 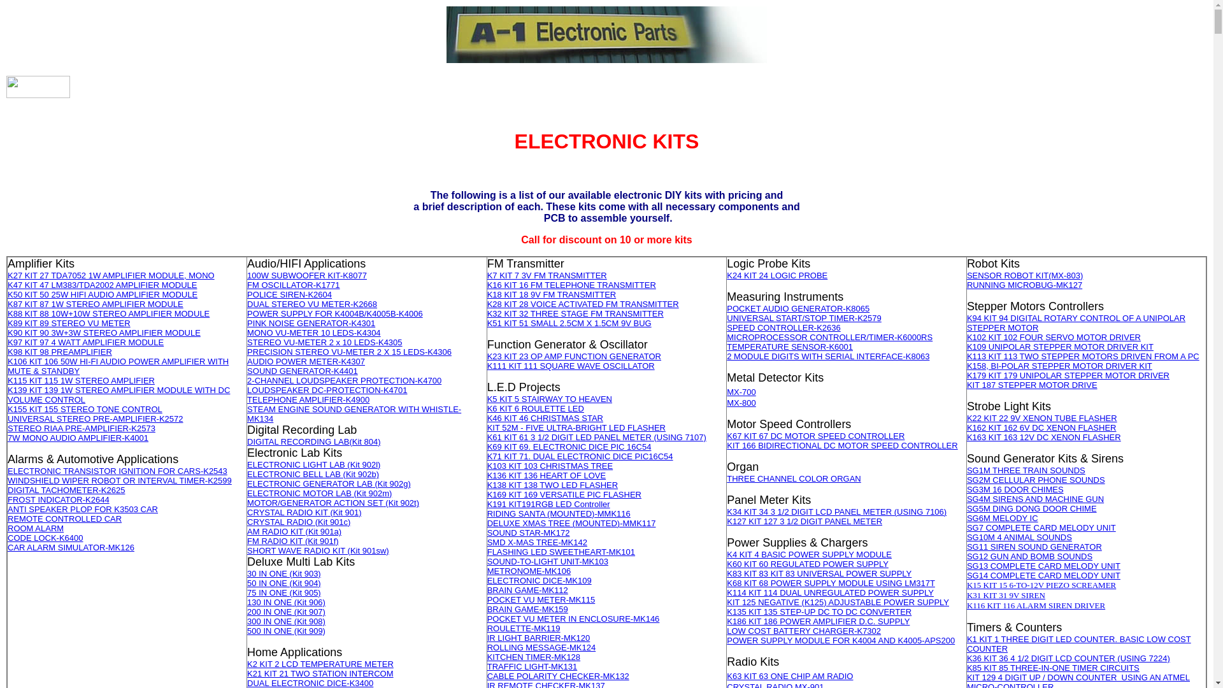 I want to click on 'K186 KIT 186 POWER AMPLIFIER D.C. SUPPLY', so click(x=818, y=620).